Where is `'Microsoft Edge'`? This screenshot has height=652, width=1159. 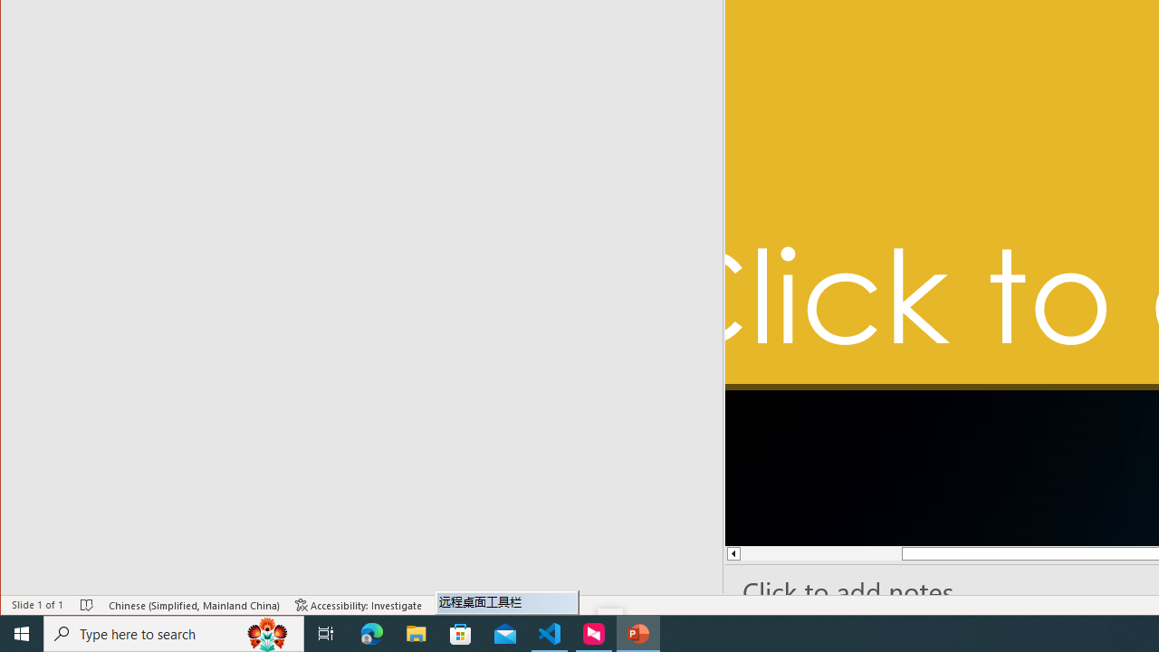
'Microsoft Edge' is located at coordinates (371, 632).